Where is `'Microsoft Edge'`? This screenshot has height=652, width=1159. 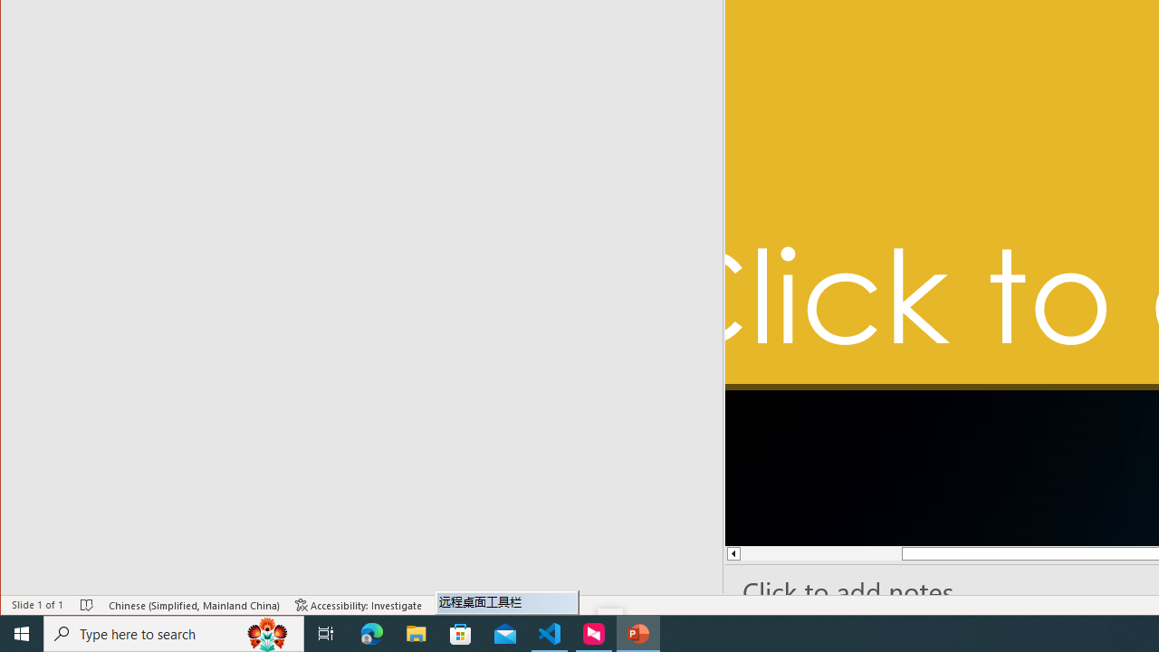
'Microsoft Edge' is located at coordinates (371, 632).